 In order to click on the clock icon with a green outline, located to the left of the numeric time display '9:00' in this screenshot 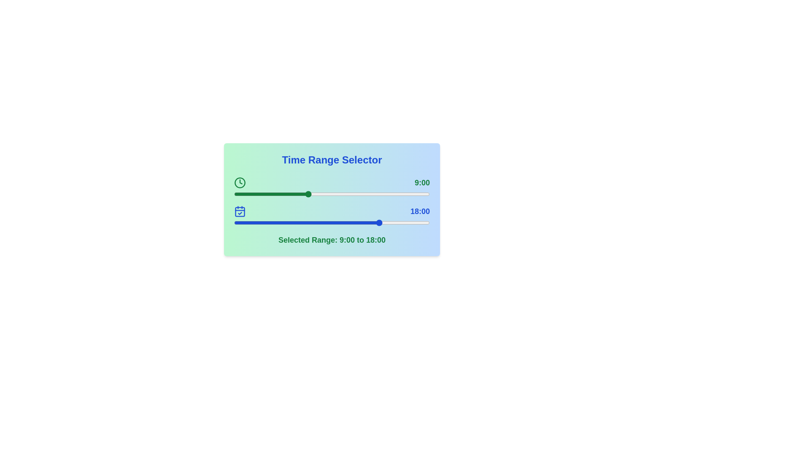, I will do `click(240, 182)`.